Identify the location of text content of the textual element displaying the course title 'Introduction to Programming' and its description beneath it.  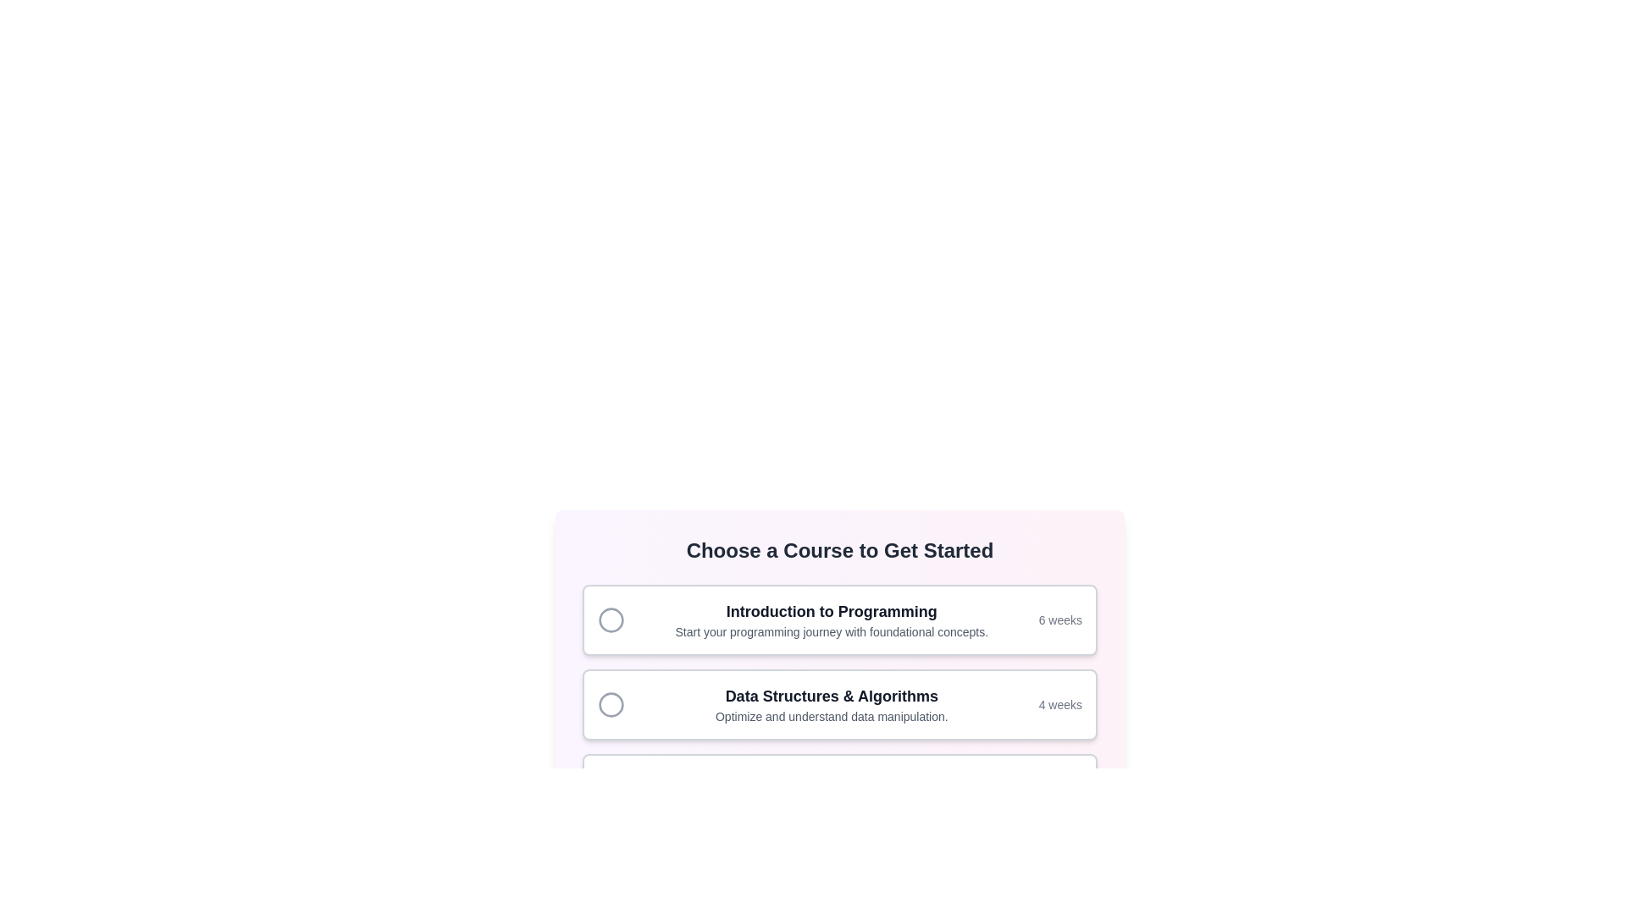
(832, 619).